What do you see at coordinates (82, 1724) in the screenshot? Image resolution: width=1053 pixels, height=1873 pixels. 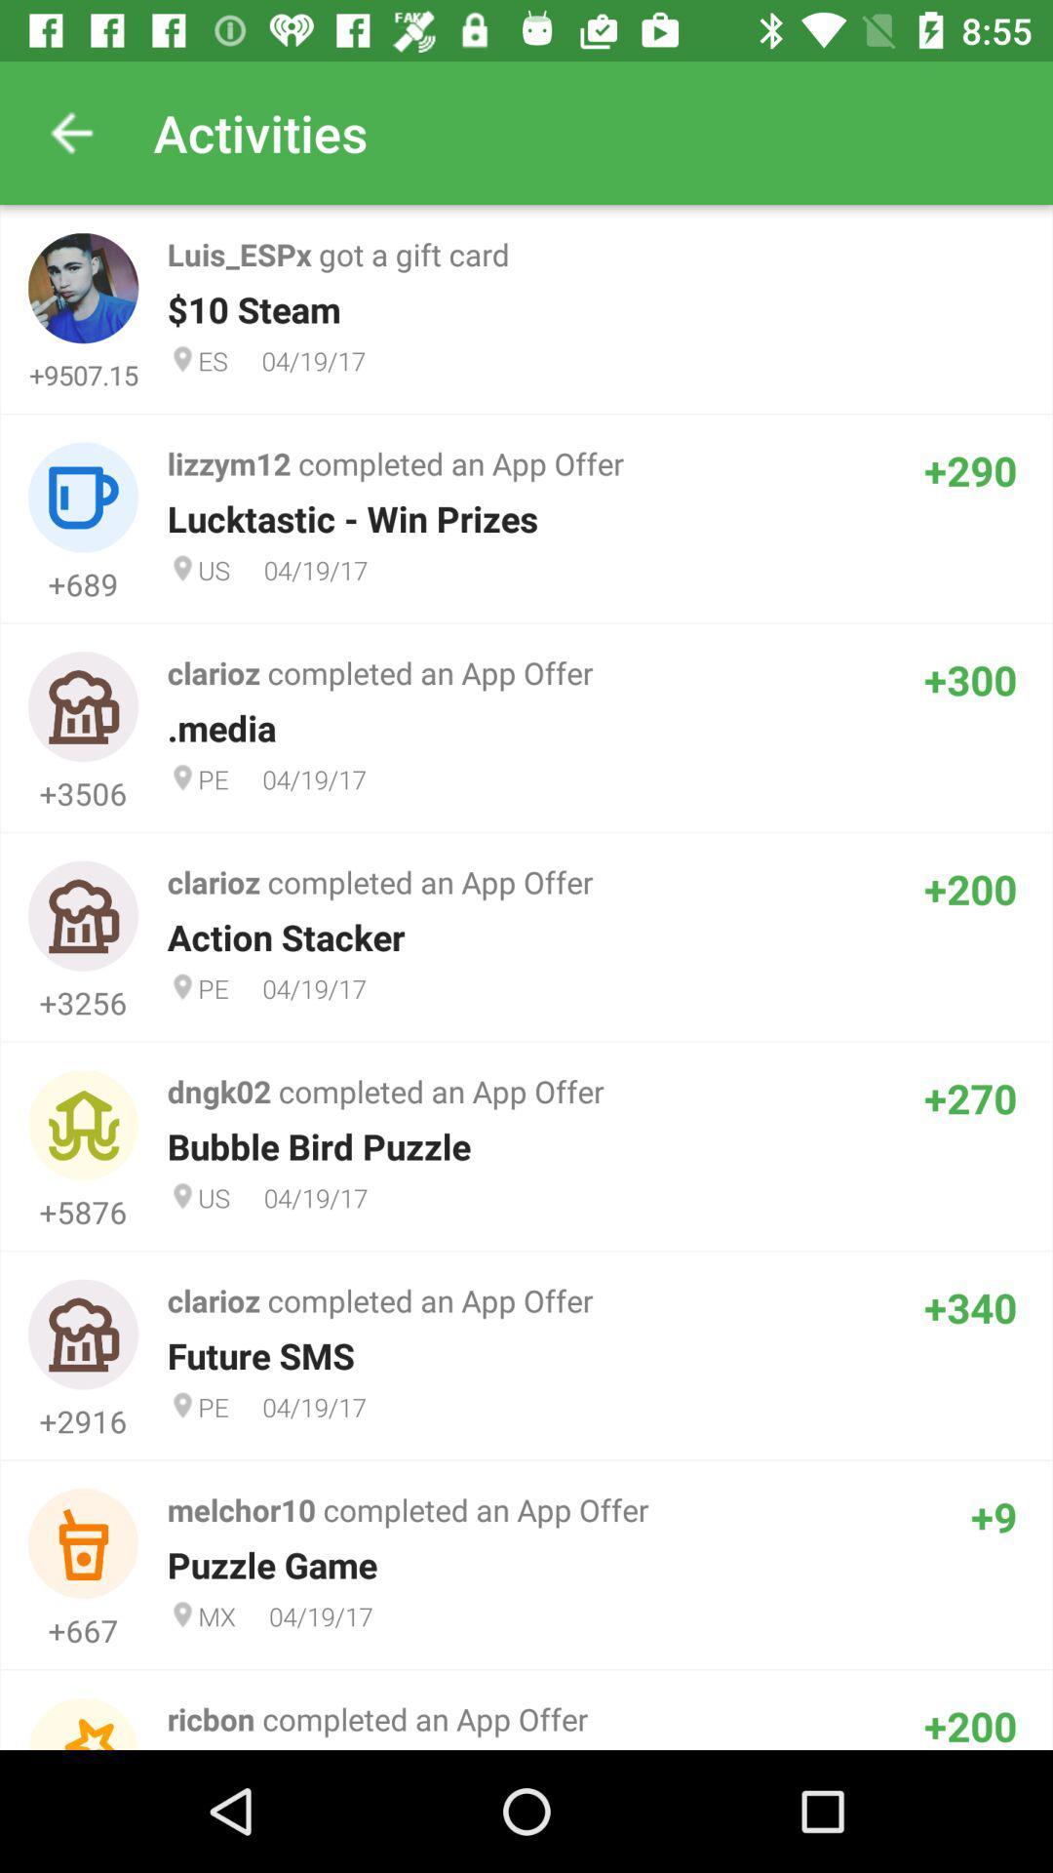 I see `the first image from the bottom of the page` at bounding box center [82, 1724].